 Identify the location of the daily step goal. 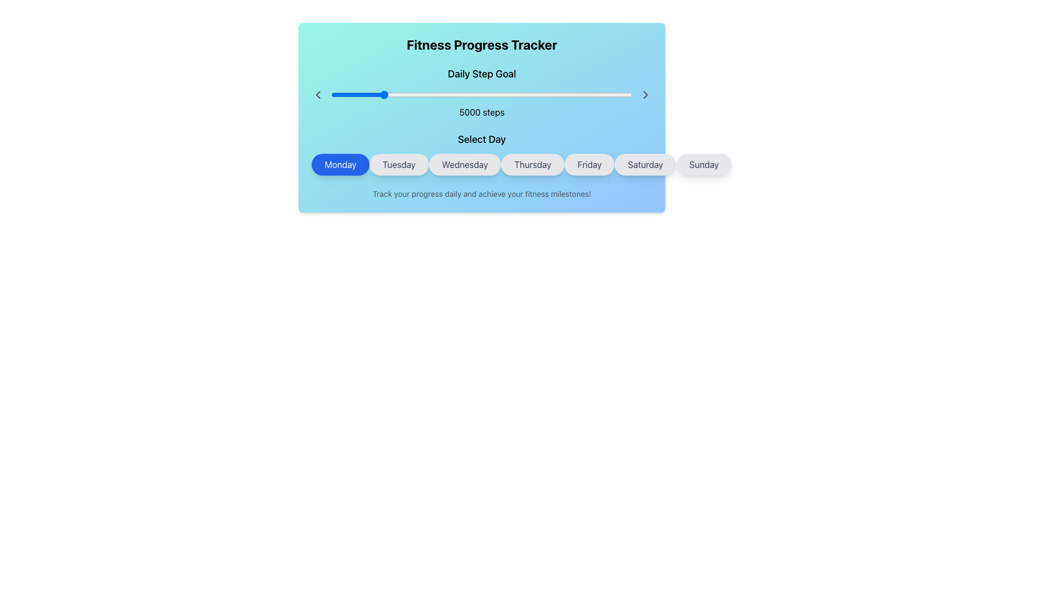
(599, 94).